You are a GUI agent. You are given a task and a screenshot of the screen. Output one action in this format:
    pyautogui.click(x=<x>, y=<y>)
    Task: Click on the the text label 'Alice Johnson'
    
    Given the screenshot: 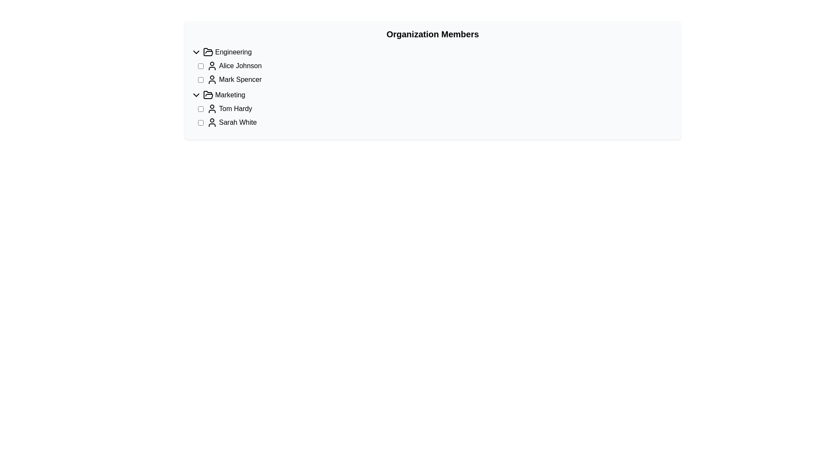 What is the action you would take?
    pyautogui.click(x=240, y=66)
    